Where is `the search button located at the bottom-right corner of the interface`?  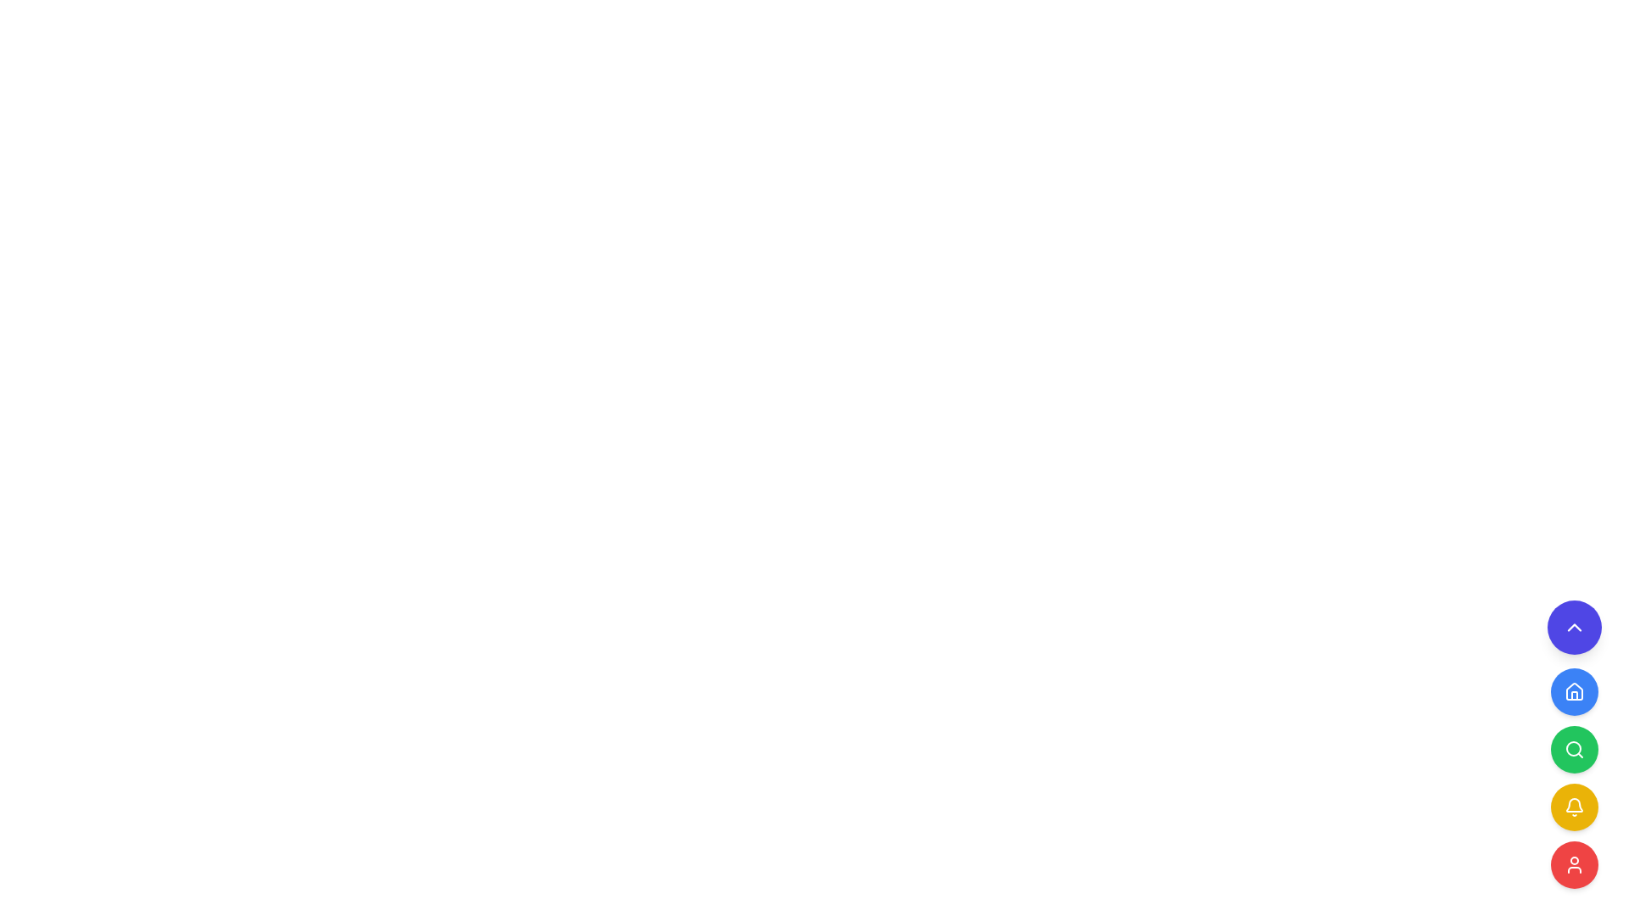 the search button located at the bottom-right corner of the interface is located at coordinates (1574, 744).